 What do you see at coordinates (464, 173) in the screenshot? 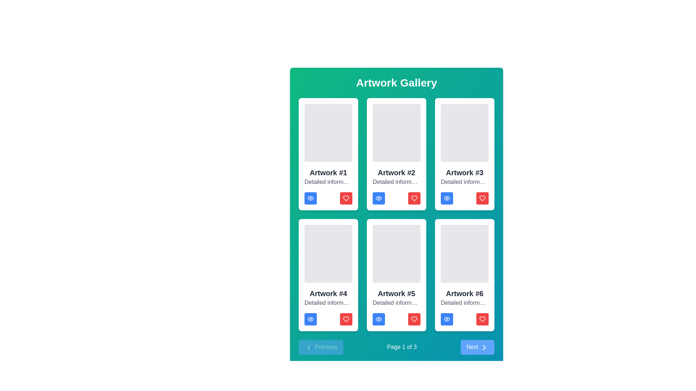
I see `the text label element reading 'Artwork #3', which is centrally located within the third card in the top row of a grid-like structure` at bounding box center [464, 173].